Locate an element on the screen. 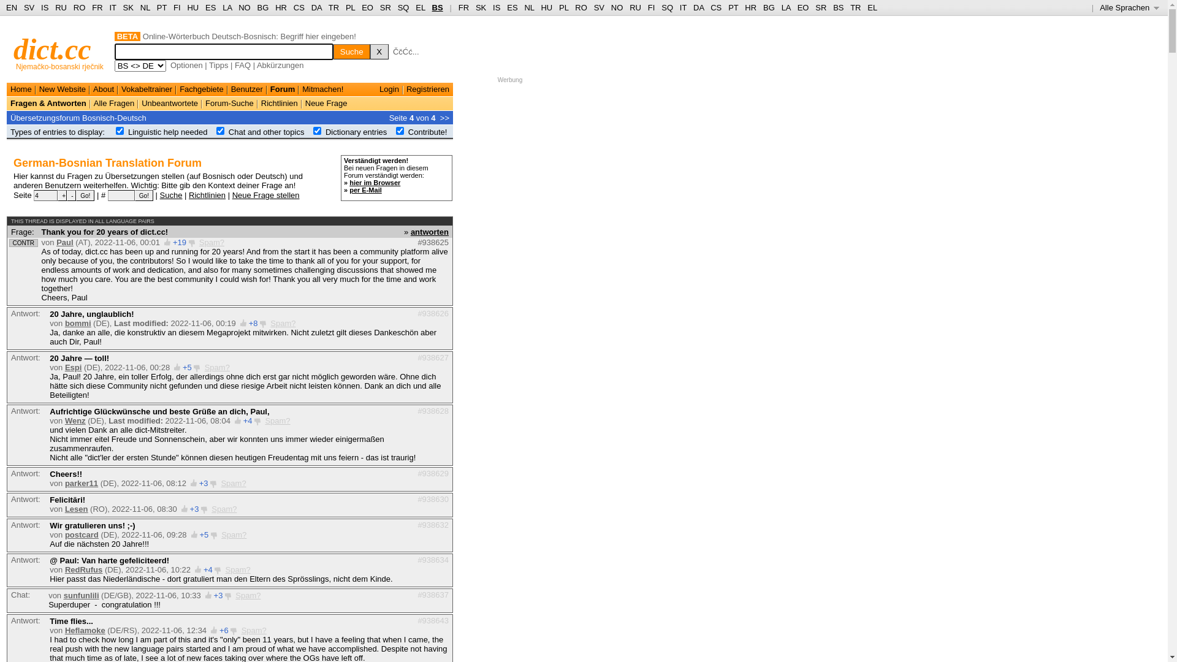 The height and width of the screenshot is (662, 1177). 'German-Bosnian Translation Forum' is located at coordinates (107, 162).